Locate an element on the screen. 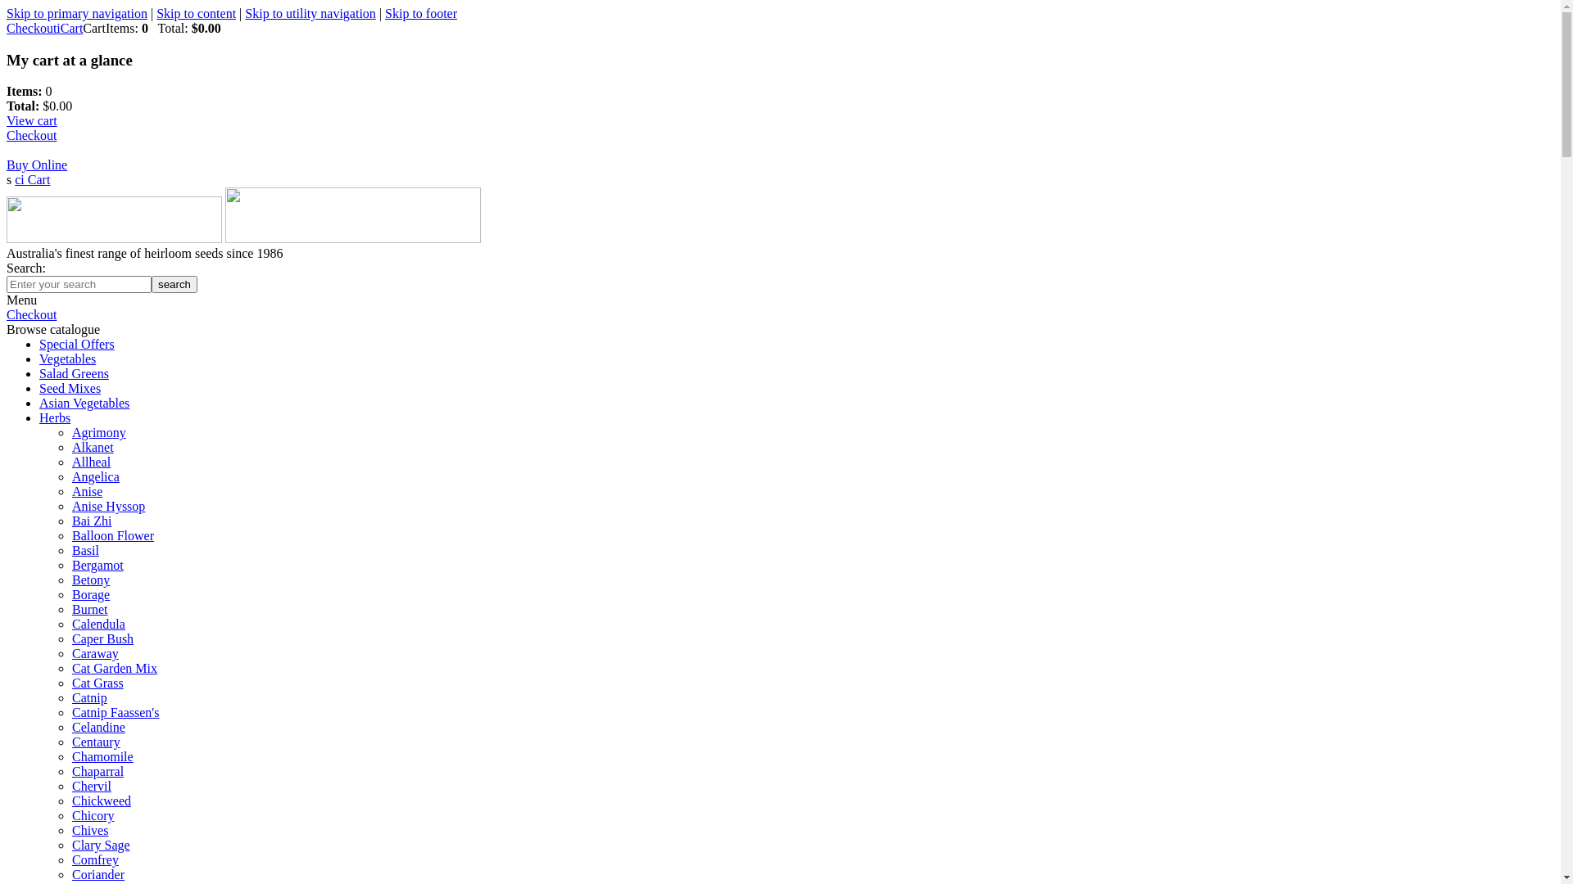  'Vegetables' is located at coordinates (66, 358).